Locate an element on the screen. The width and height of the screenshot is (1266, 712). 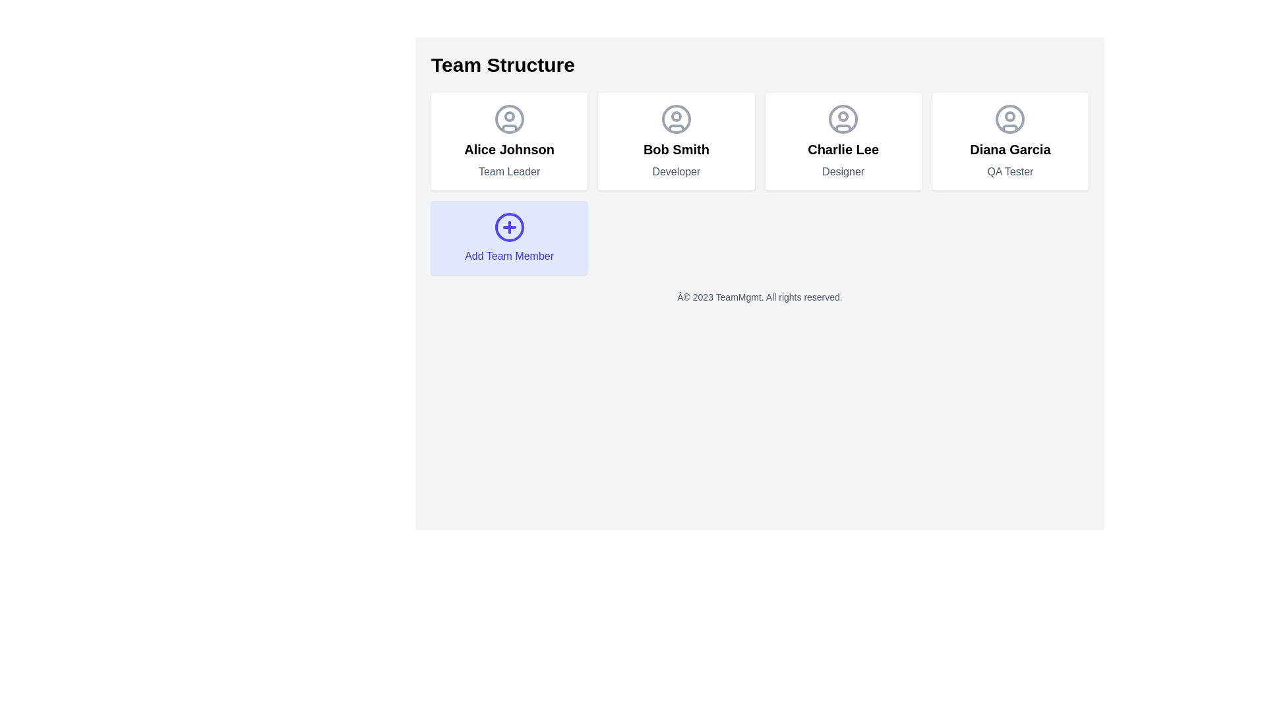
the circular profile icon representing 'Bob Smith' in the 'Team Structure' view is located at coordinates (676, 119).